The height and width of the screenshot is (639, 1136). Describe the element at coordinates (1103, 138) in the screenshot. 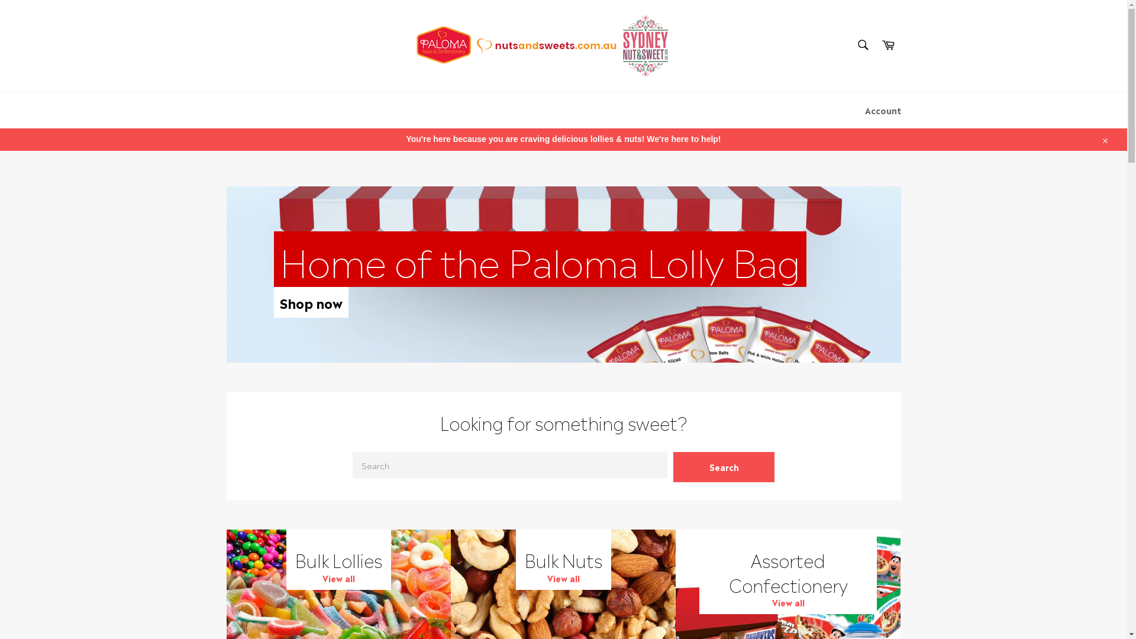

I see `'Close'` at that location.